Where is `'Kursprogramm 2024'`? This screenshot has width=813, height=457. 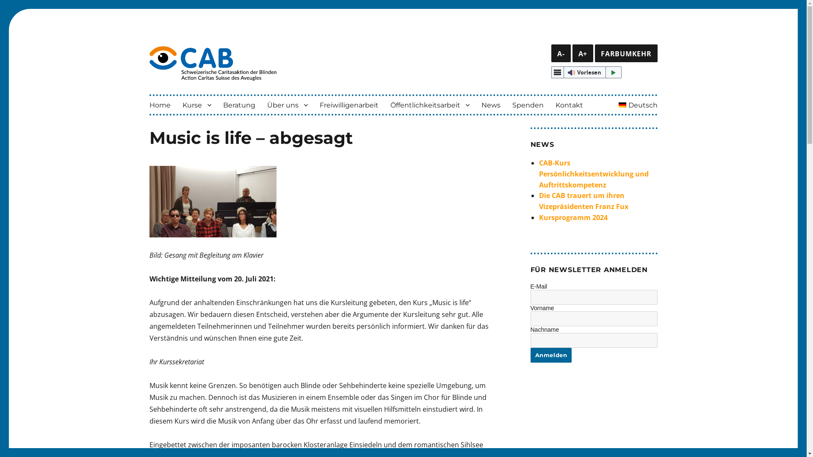 'Kursprogramm 2024' is located at coordinates (573, 217).